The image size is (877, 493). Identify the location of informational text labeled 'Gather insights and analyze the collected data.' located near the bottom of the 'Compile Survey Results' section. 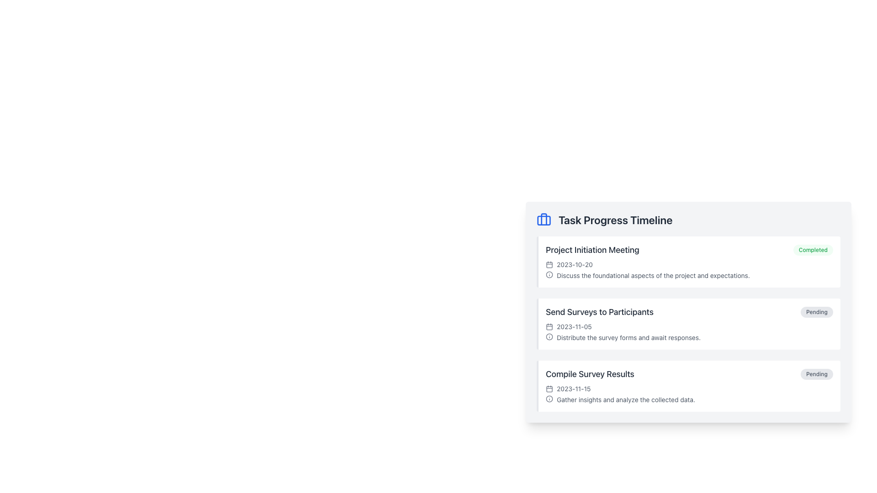
(689, 399).